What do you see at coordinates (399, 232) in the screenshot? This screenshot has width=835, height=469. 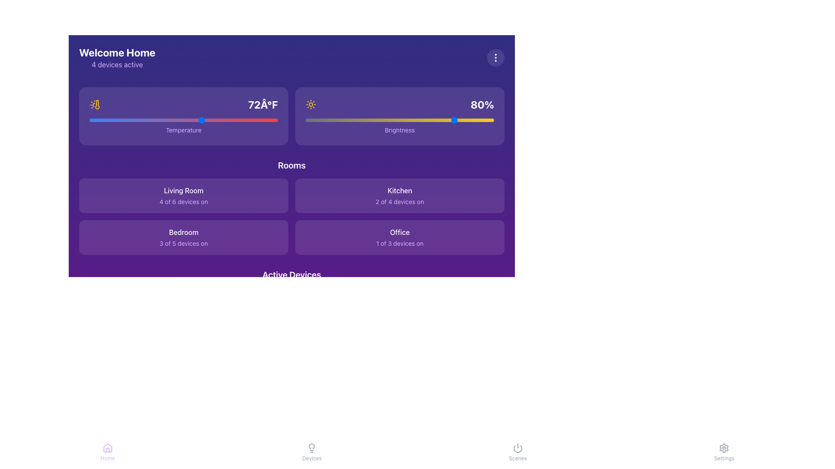 I see `the text label that identifies the room or category named 'Office', located in the bottom-right section of the 'Rooms' section` at bounding box center [399, 232].